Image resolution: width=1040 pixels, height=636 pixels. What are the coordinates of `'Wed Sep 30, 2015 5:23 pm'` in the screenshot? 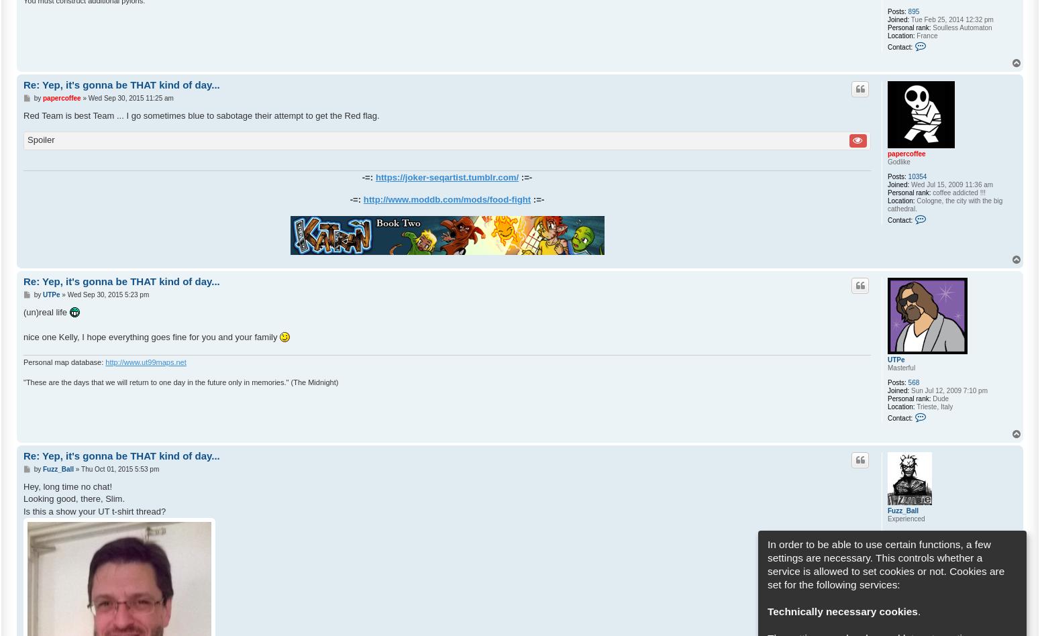 It's located at (107, 294).